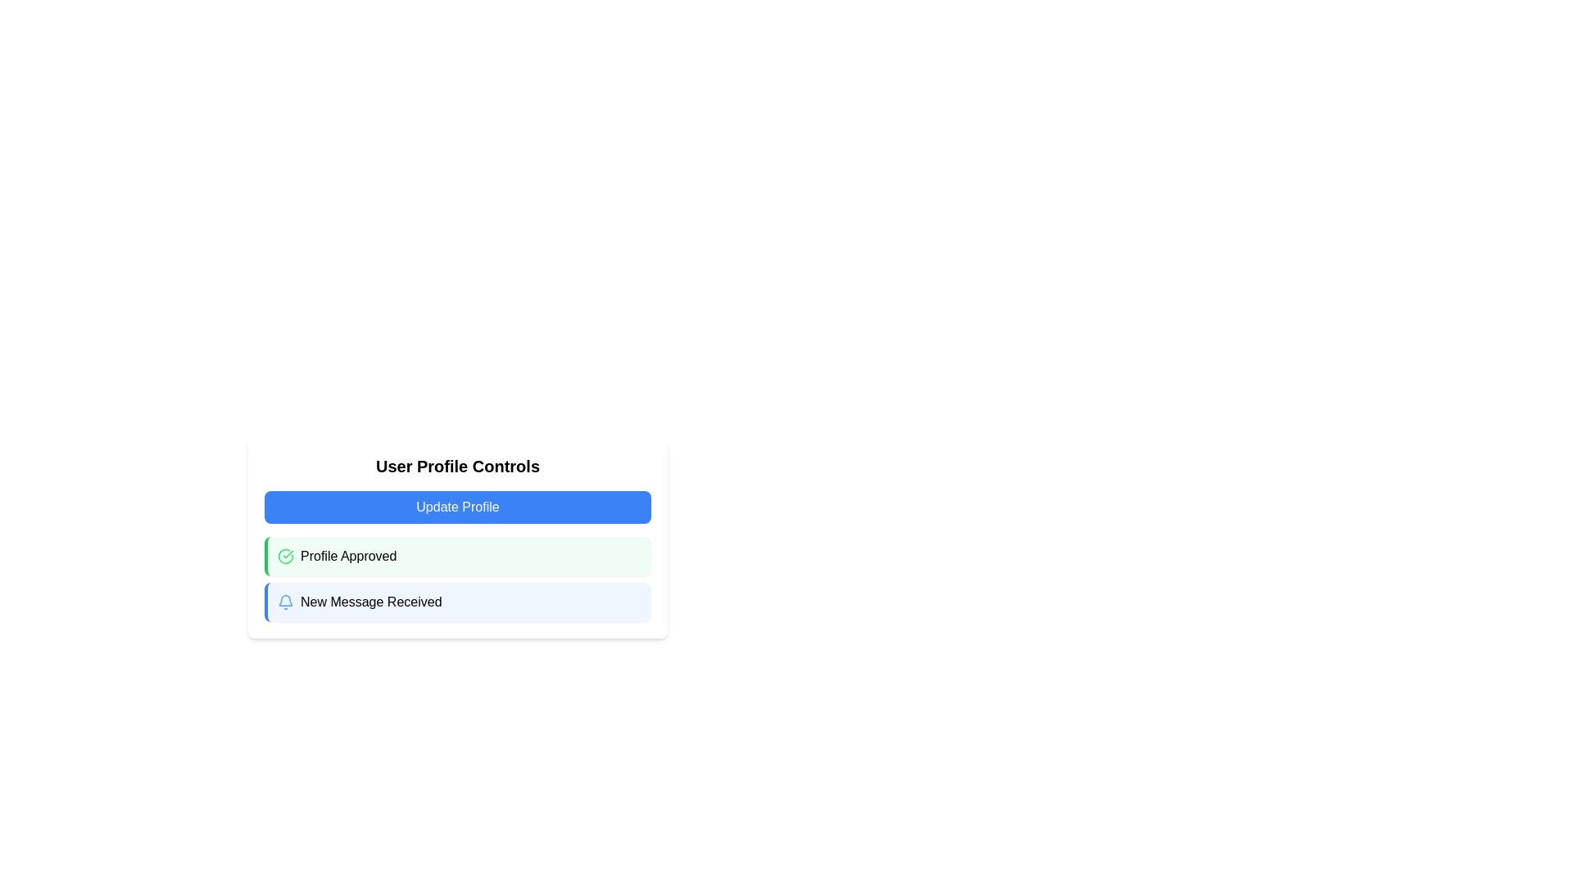 The width and height of the screenshot is (1573, 884). I want to click on the notification box that indicates a new incoming message, located below the 'Profile Approved' notification, so click(457, 602).